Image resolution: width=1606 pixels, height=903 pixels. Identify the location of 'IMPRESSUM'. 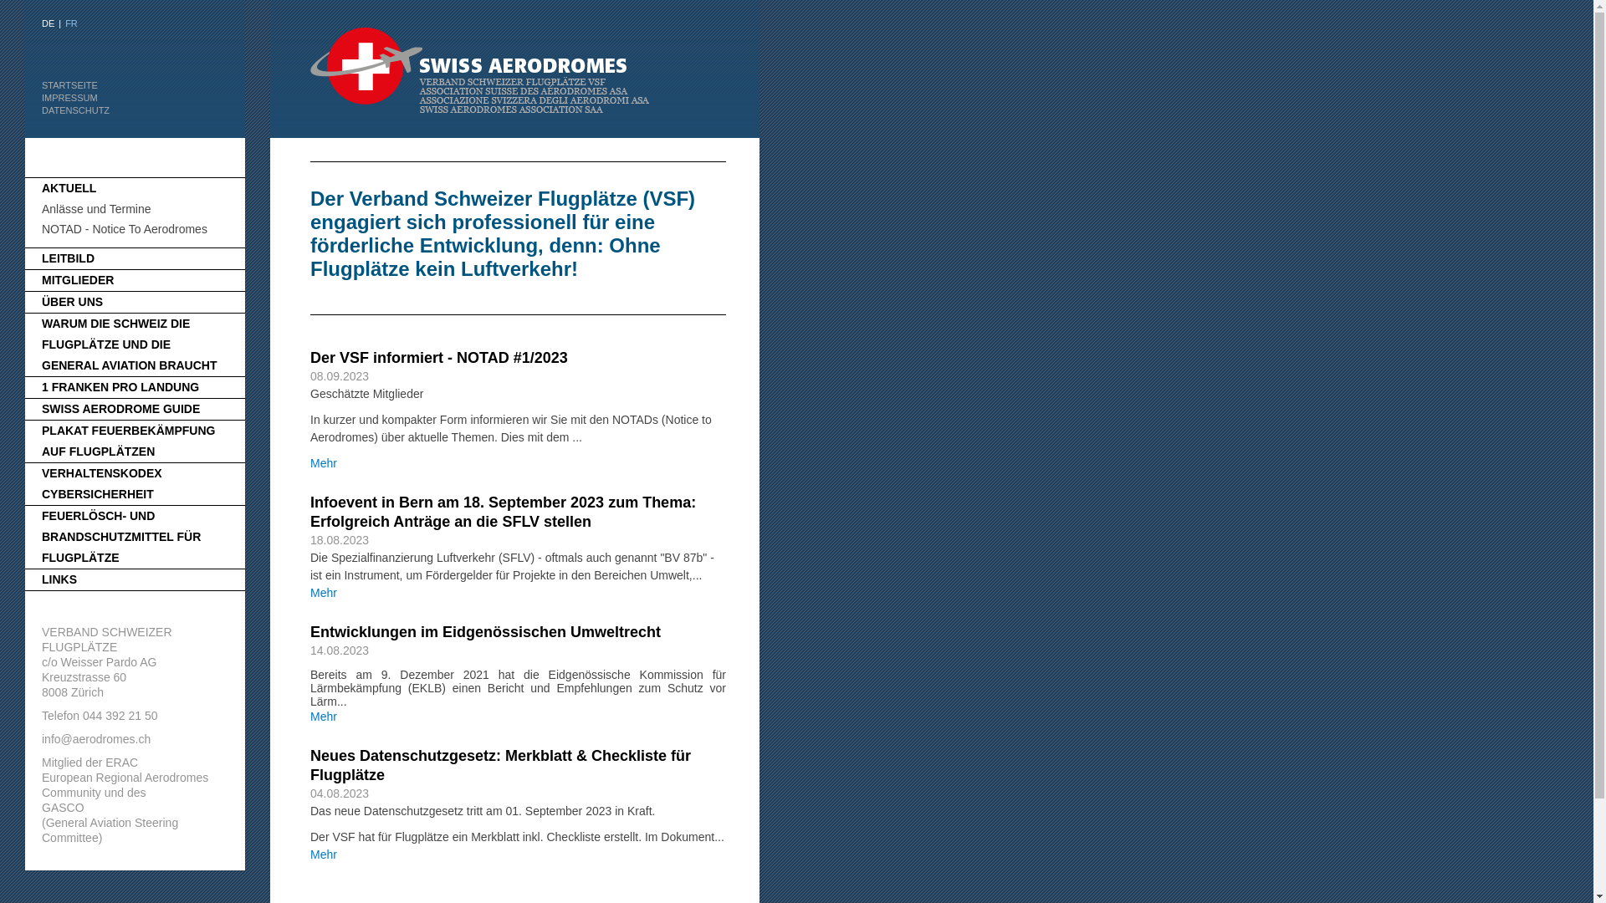
(69, 97).